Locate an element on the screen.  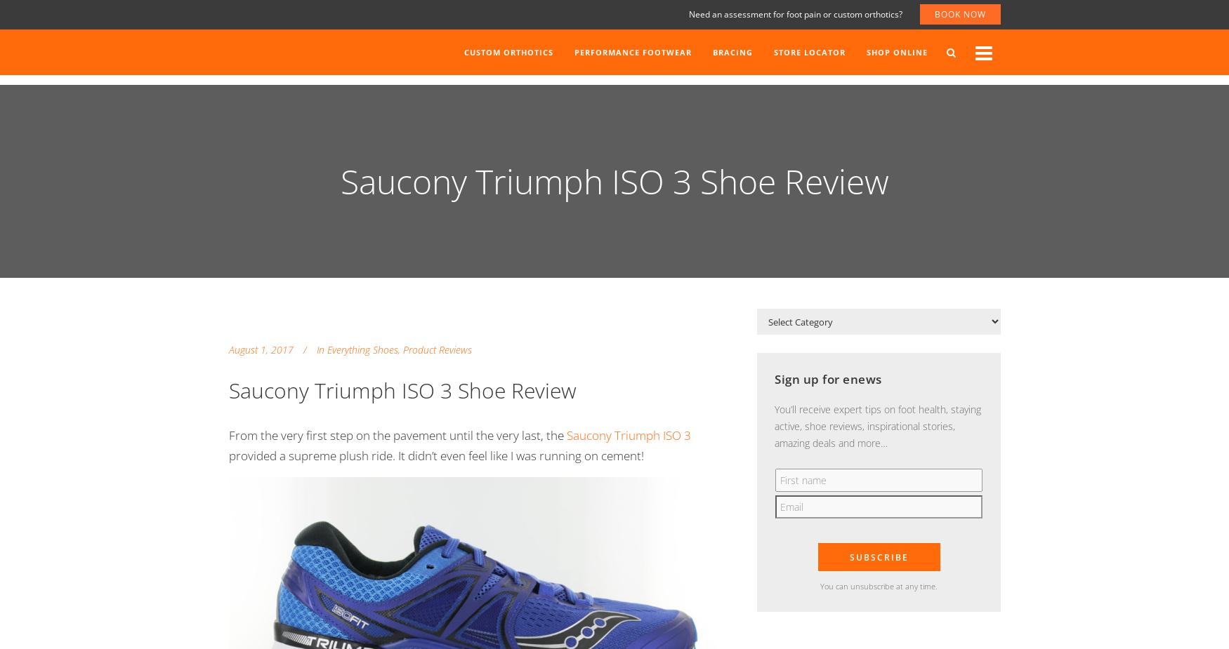
',' is located at coordinates (398, 349).